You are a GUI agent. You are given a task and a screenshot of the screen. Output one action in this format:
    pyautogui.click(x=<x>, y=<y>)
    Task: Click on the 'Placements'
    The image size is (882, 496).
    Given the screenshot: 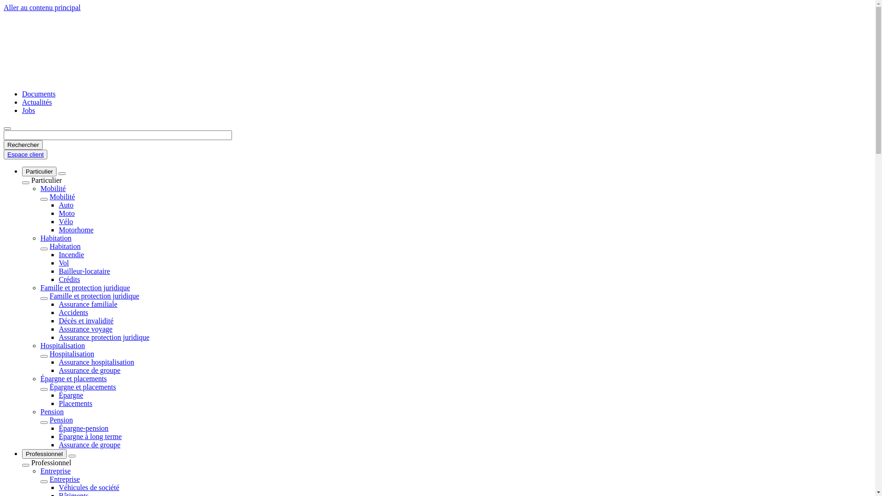 What is the action you would take?
    pyautogui.click(x=58, y=403)
    